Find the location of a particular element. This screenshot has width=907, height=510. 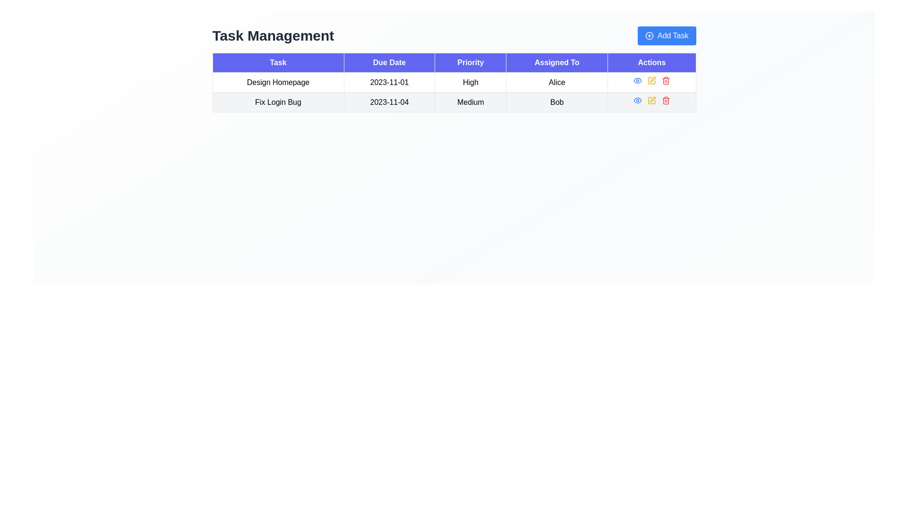

the text label indicating the individual assigned to the task in the fourth column of the first data row under the header is located at coordinates (557, 82).